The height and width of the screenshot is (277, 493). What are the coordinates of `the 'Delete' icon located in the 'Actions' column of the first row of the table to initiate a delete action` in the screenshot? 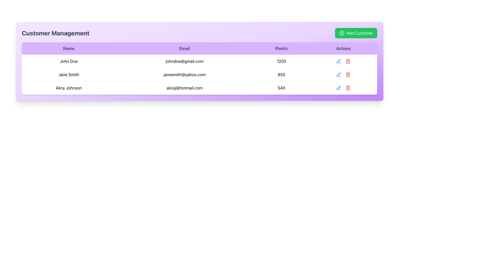 It's located at (348, 61).